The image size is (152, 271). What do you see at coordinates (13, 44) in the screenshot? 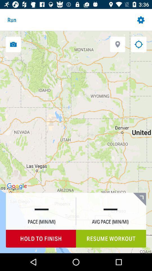
I see `icon at the top left corner` at bounding box center [13, 44].